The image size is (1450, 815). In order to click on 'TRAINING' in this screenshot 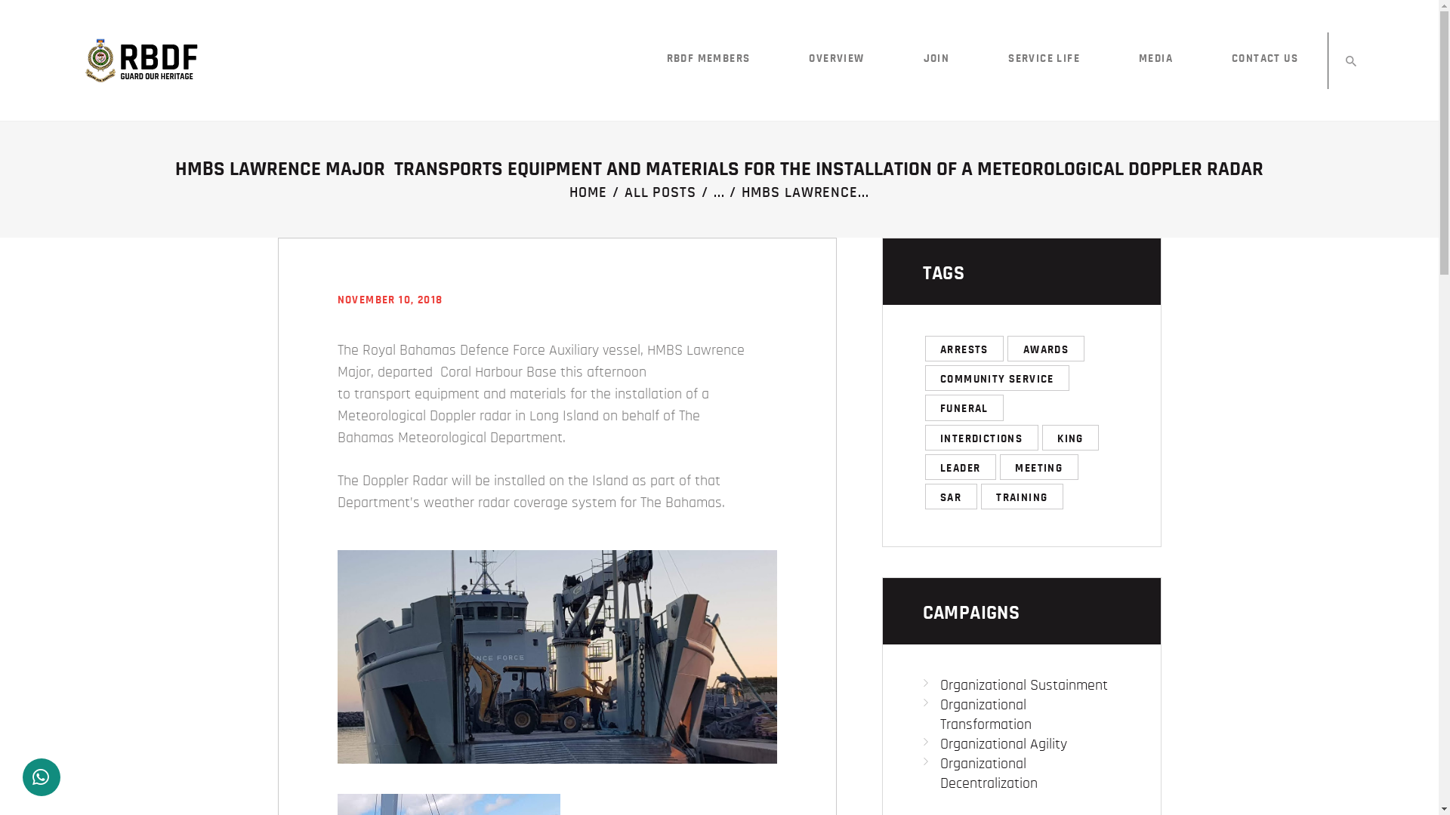, I will do `click(1022, 497)`.